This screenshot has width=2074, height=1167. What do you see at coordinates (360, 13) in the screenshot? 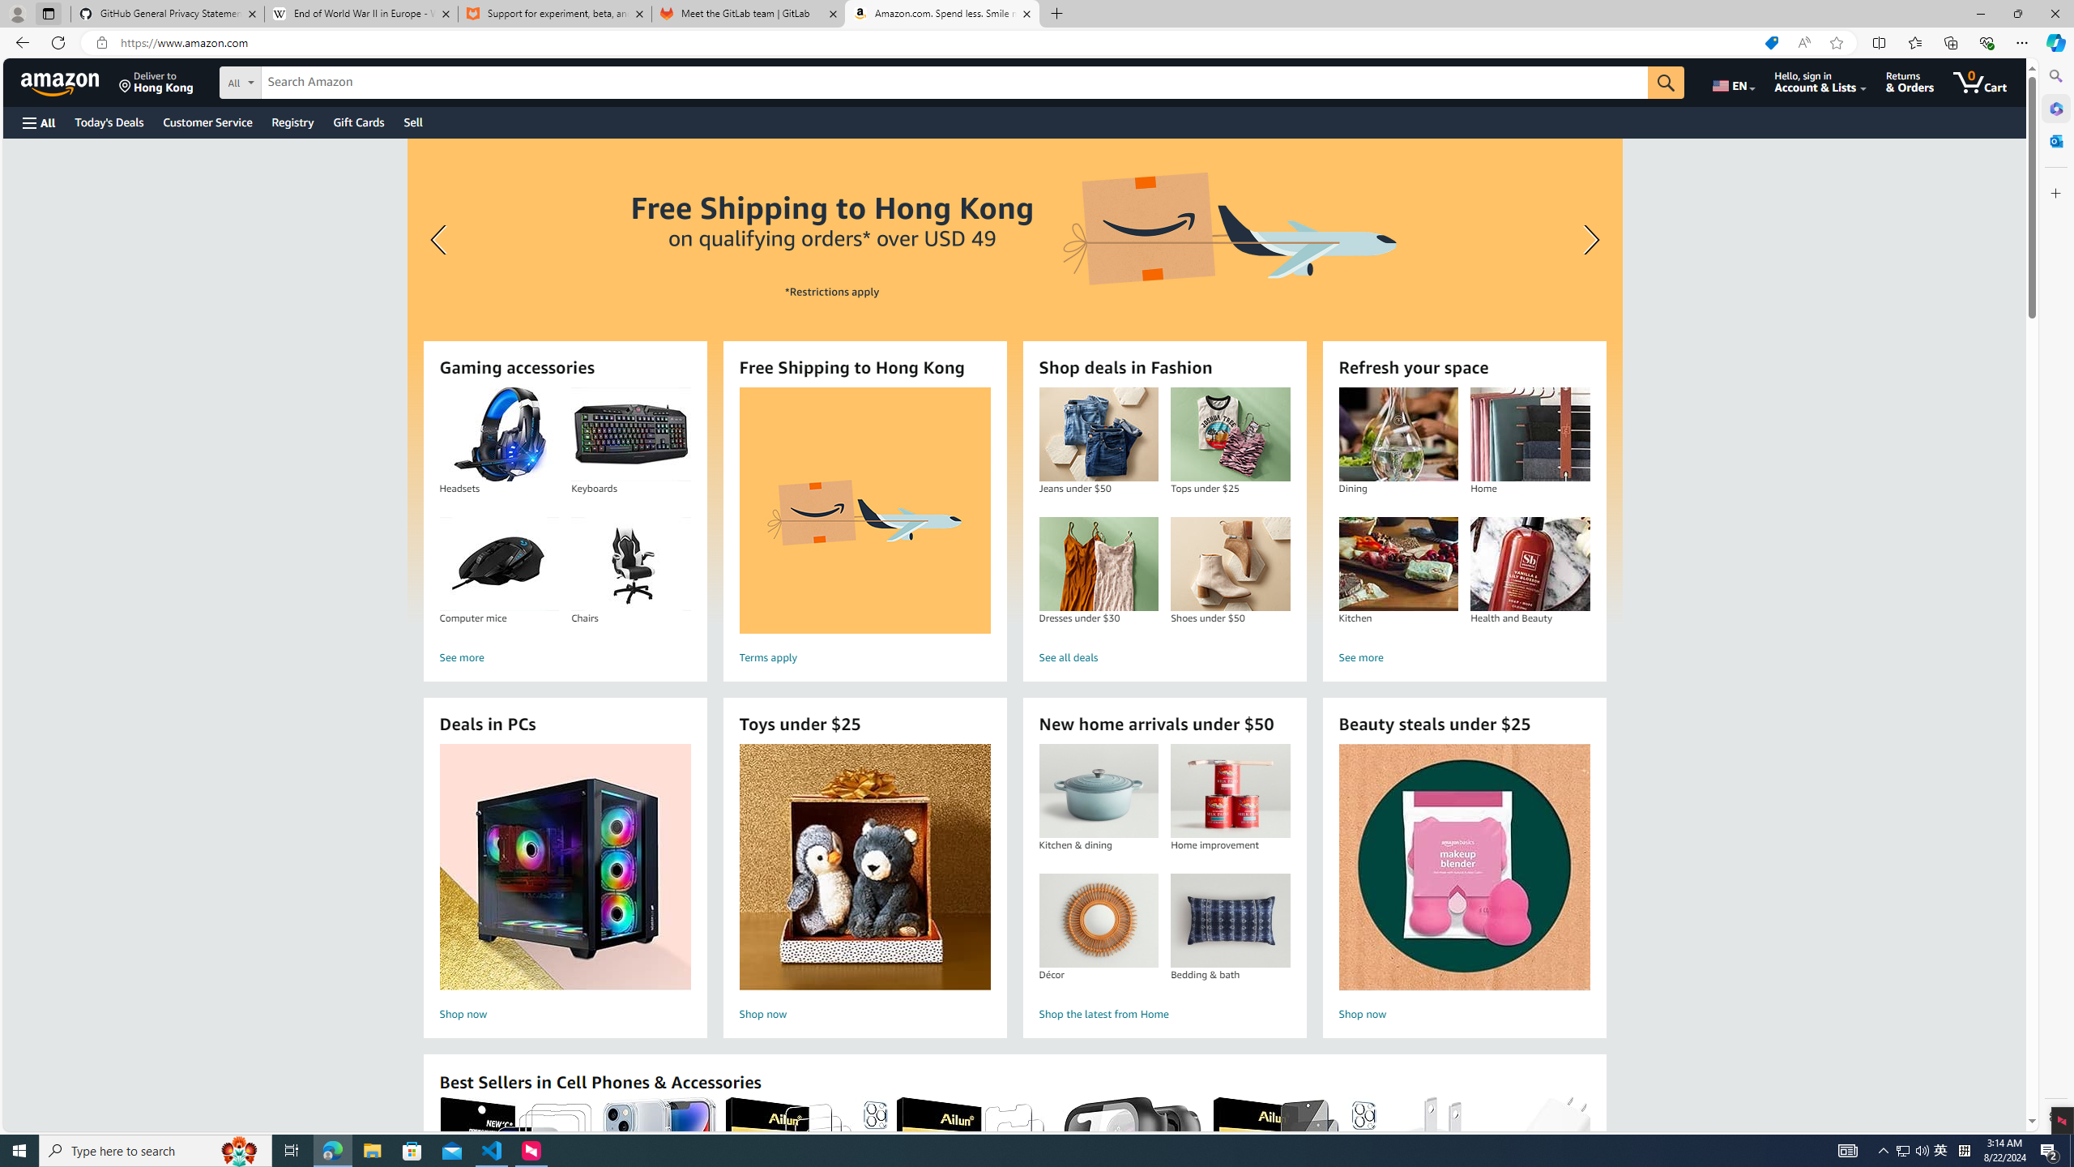
I see `'End of World War II in Europe - Wikipedia'` at bounding box center [360, 13].